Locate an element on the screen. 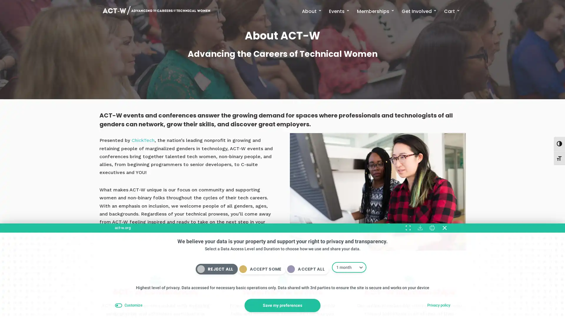  Print Consent is located at coordinates (432, 227).